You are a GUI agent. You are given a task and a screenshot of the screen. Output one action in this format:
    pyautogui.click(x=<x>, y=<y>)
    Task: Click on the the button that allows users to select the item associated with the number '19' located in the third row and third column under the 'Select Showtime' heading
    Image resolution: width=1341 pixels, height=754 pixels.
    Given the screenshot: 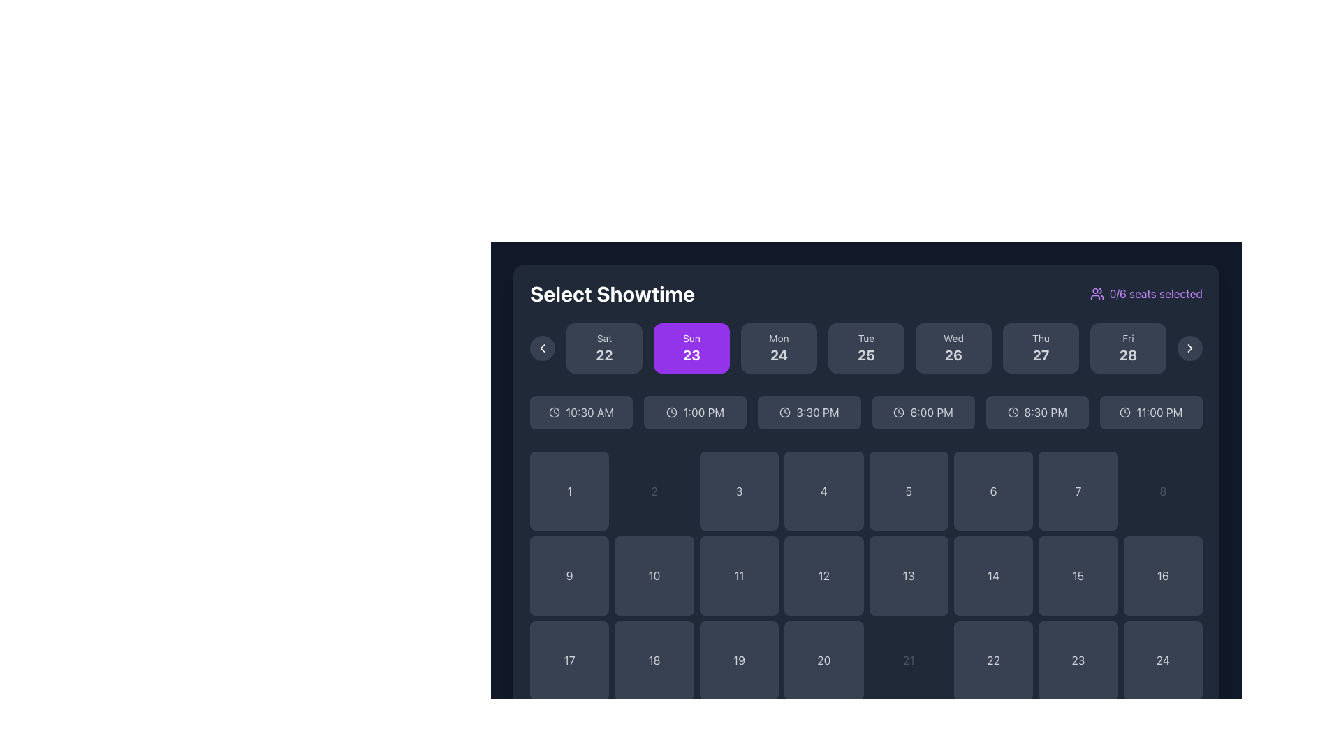 What is the action you would take?
    pyautogui.click(x=738, y=660)
    